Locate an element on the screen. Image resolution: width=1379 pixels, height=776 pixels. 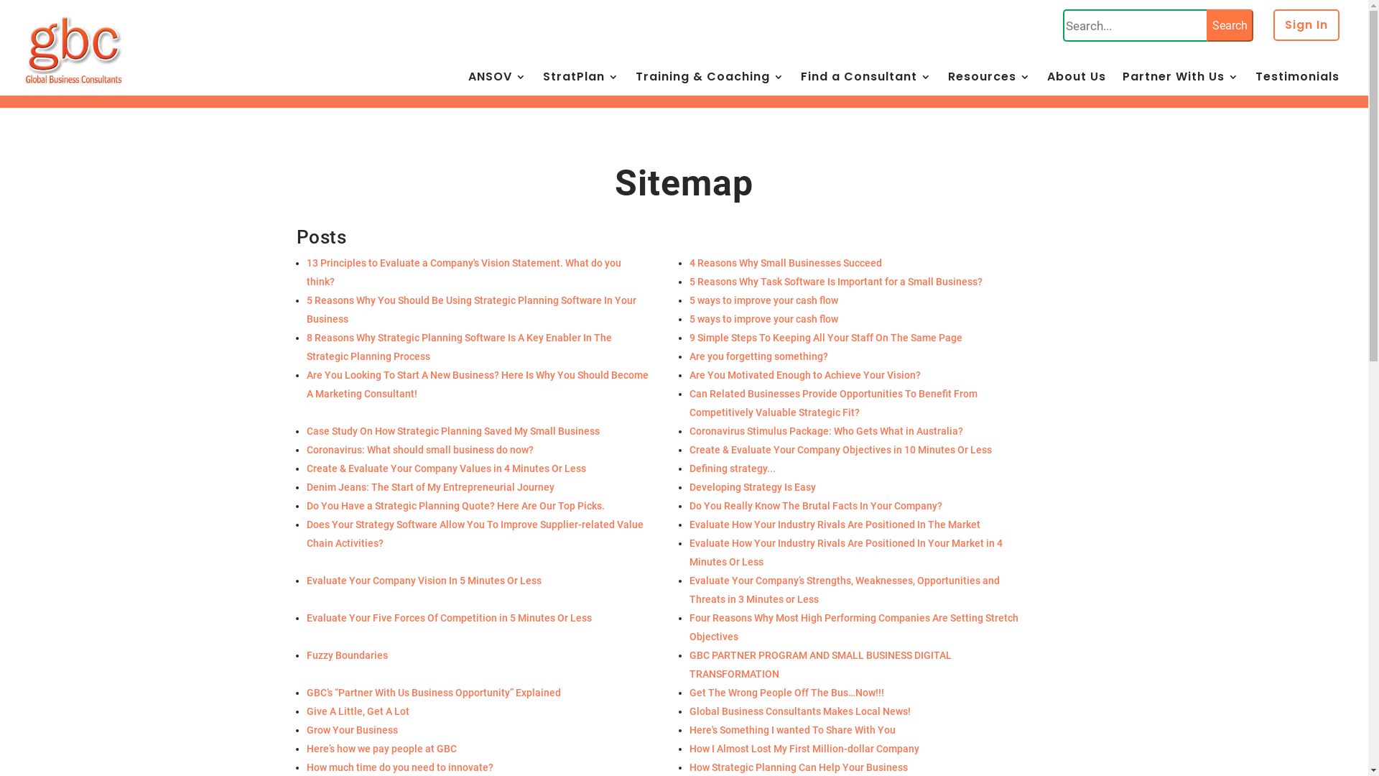
'Partner With Us' is located at coordinates (1180, 86).